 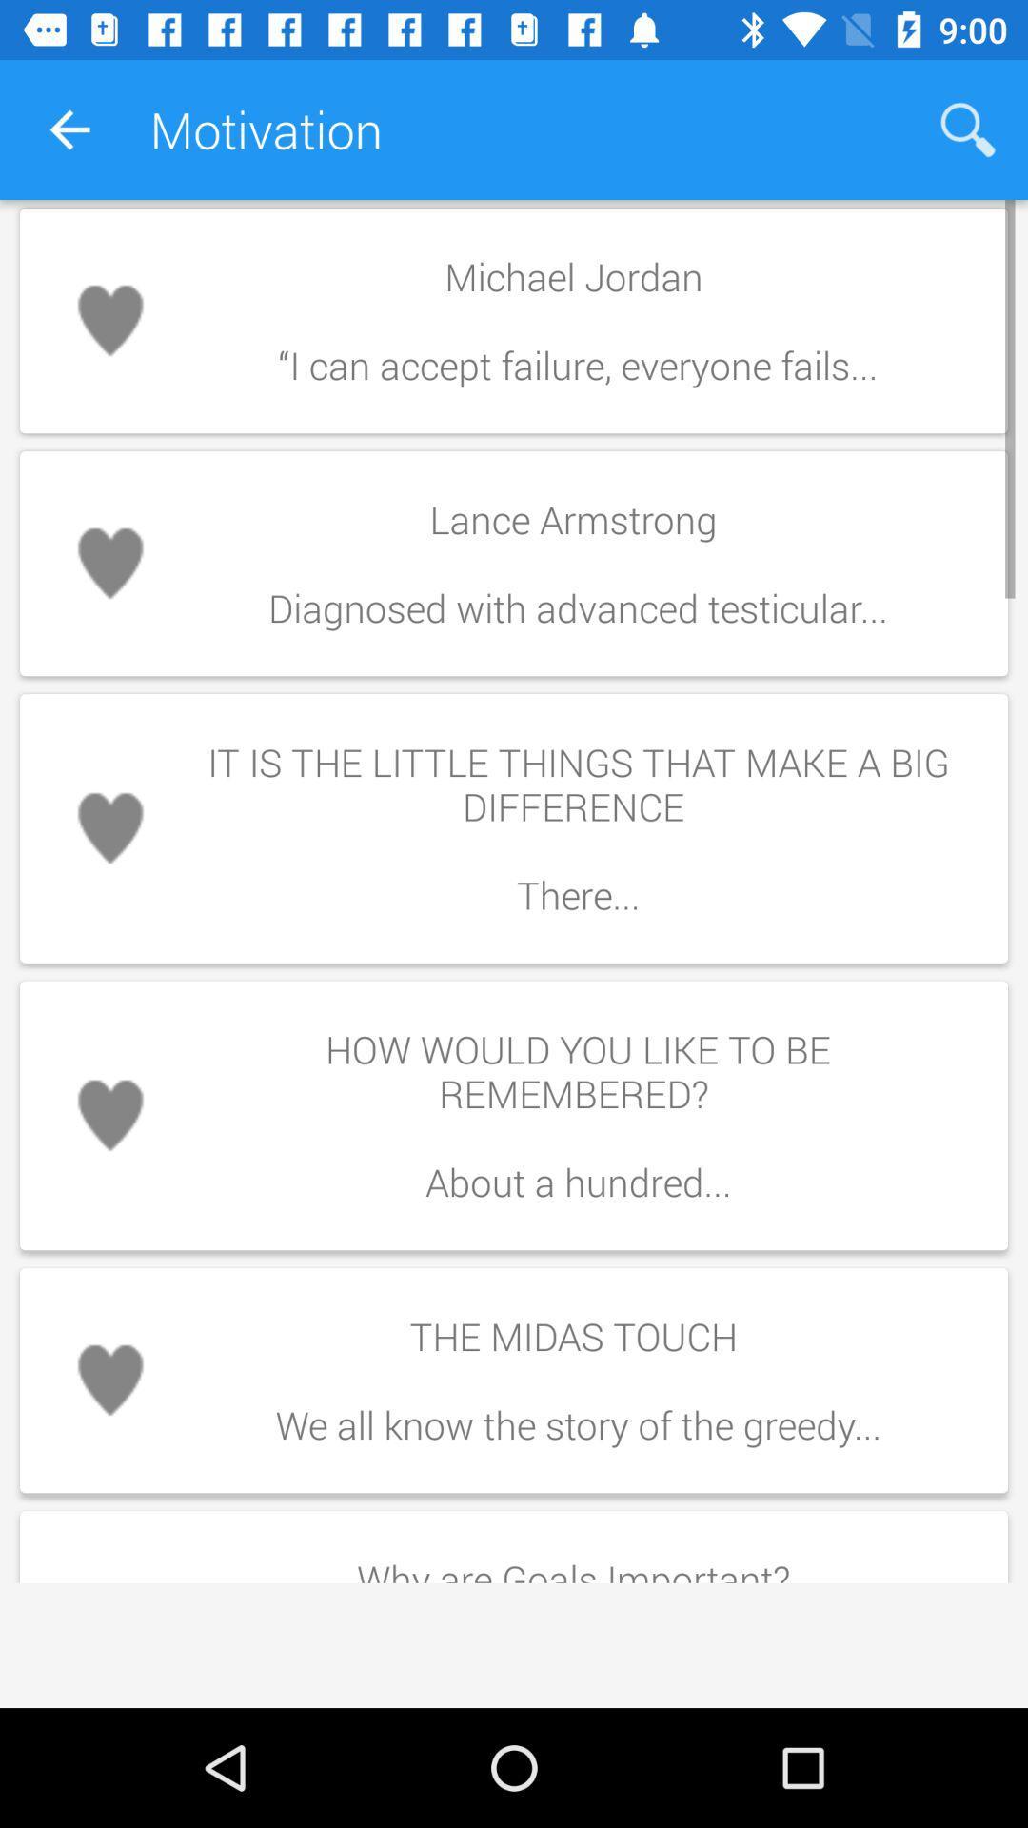 I want to click on how would you icon, so click(x=577, y=1115).